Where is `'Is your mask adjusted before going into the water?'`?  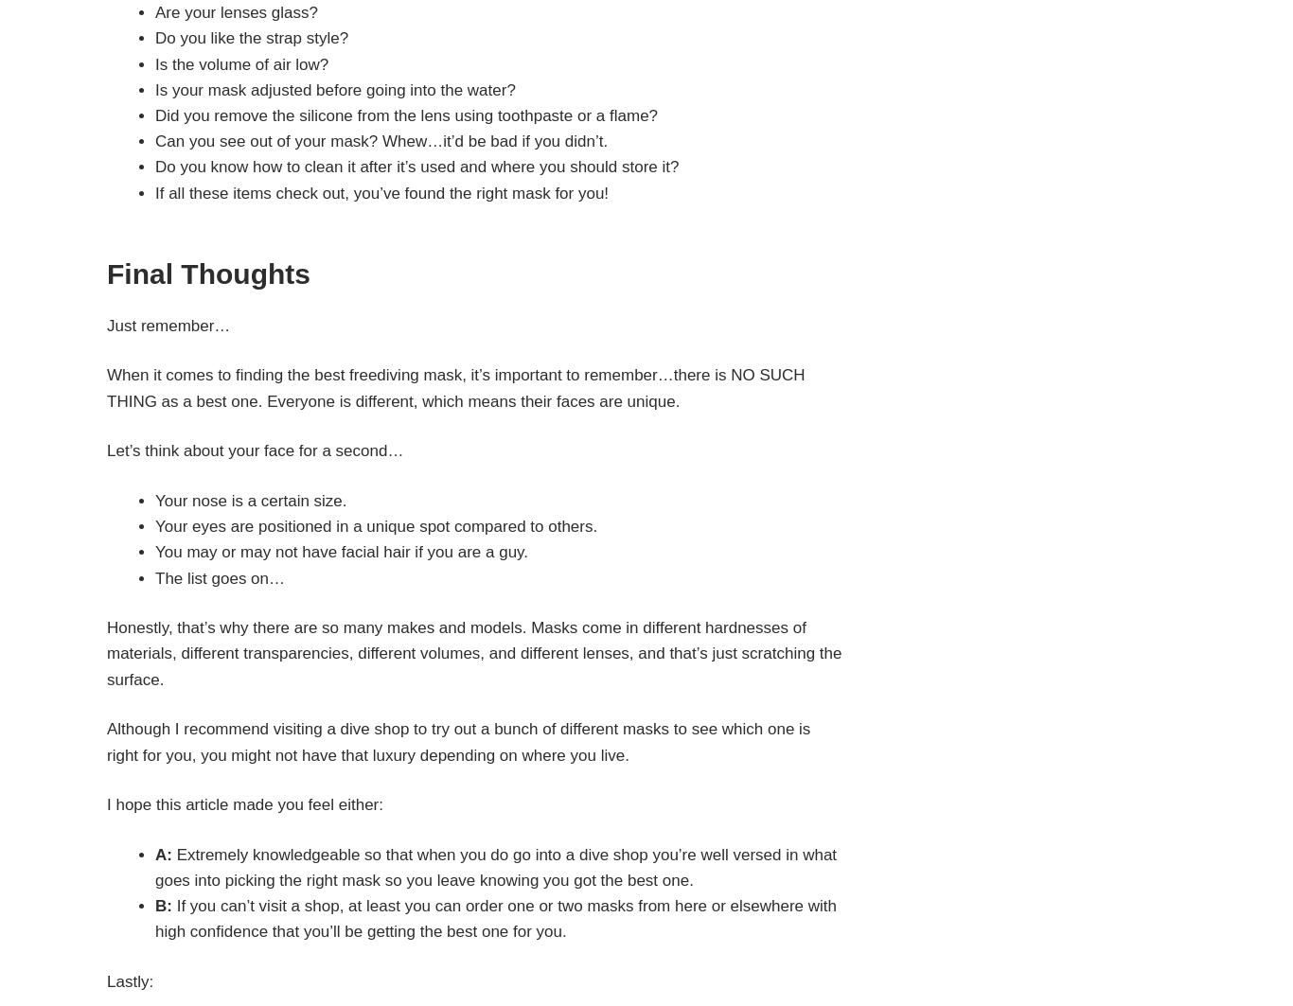 'Is your mask adjusted before going into the water?' is located at coordinates (334, 89).